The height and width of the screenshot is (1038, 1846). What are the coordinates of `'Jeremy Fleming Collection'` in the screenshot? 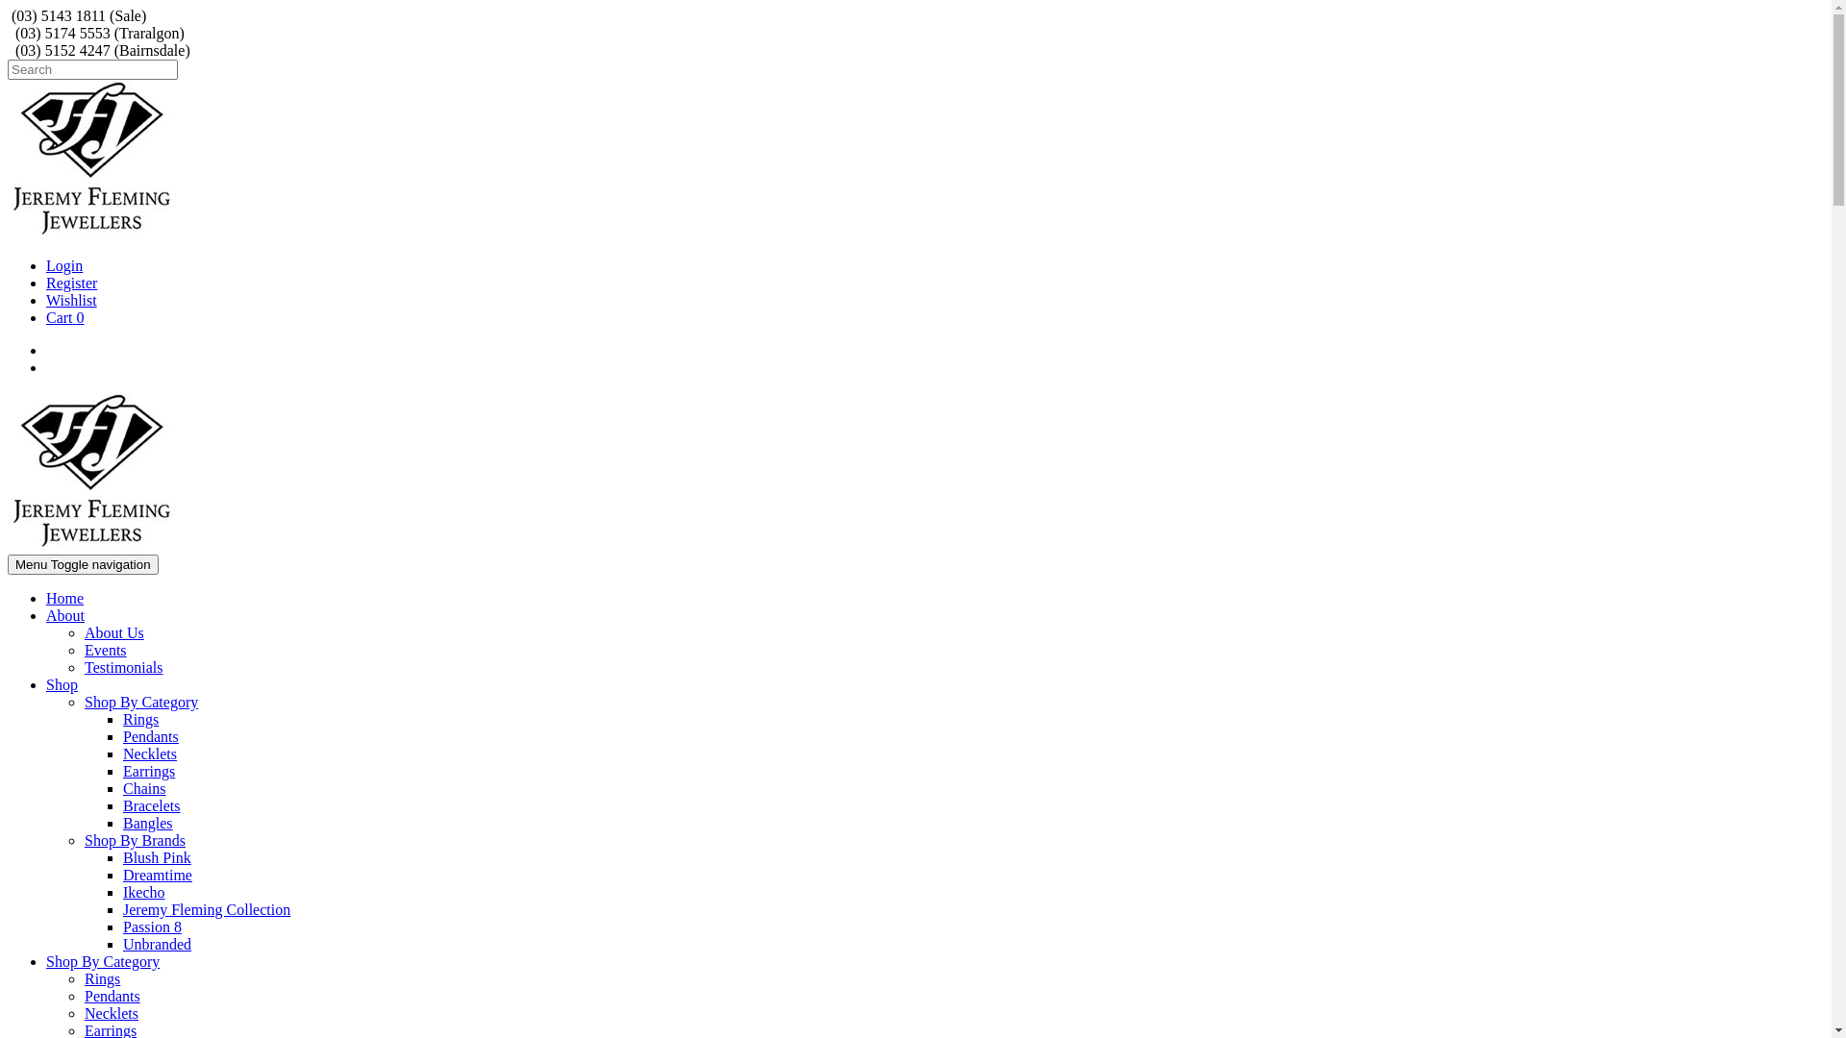 It's located at (207, 908).